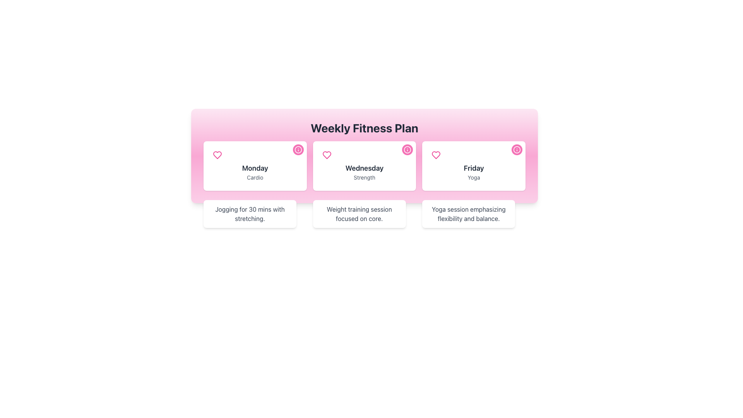  Describe the element at coordinates (407, 149) in the screenshot. I see `the small circular button with a pink background and an information icon at its center, located at the top-right of the Wednesday session card` at that location.